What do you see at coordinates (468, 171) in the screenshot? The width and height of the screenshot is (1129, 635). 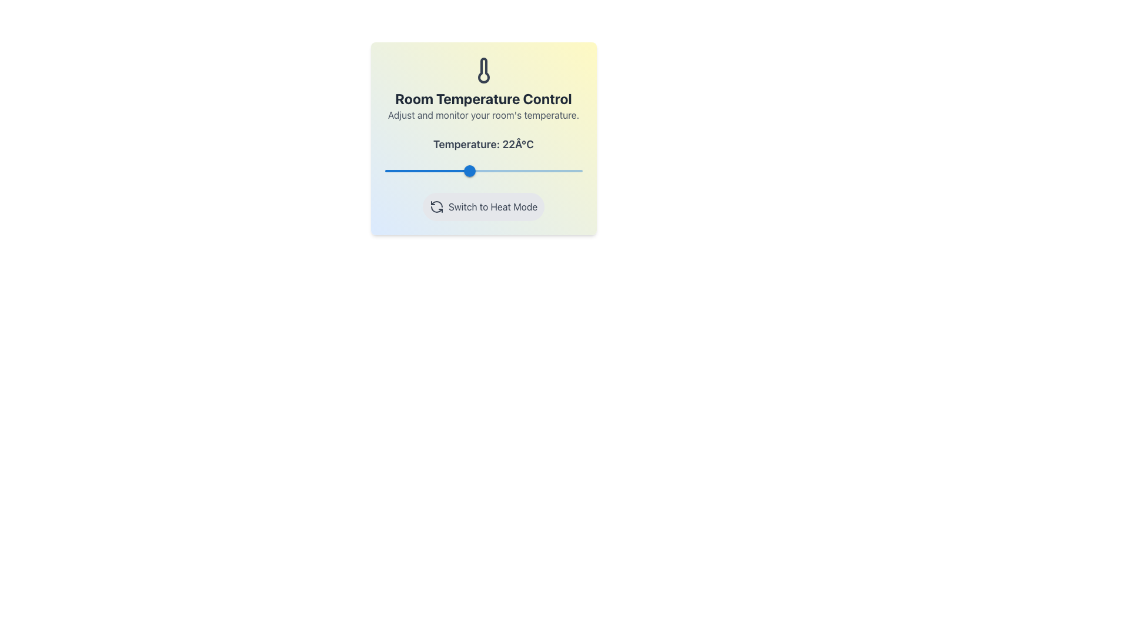 I see `the temperature` at bounding box center [468, 171].